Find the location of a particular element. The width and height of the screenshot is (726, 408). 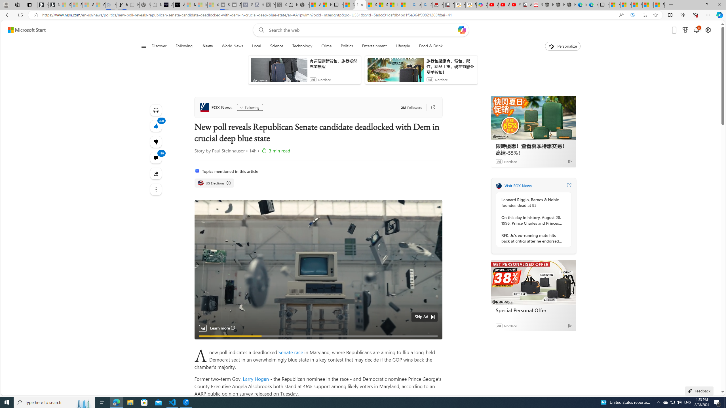

'Skip Ad' is located at coordinates (421, 316).